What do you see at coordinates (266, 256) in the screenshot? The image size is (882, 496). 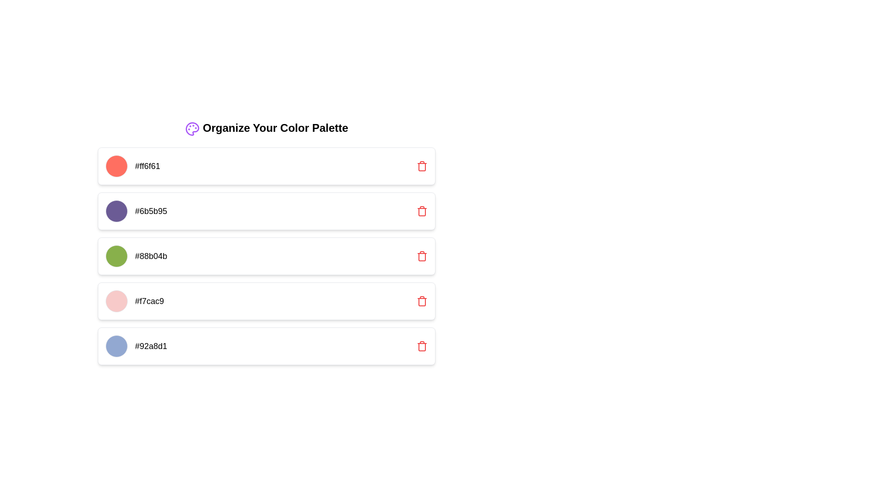 I see `the third item in the vertical list of colored elements, which visually represents a color in the palette manager` at bounding box center [266, 256].